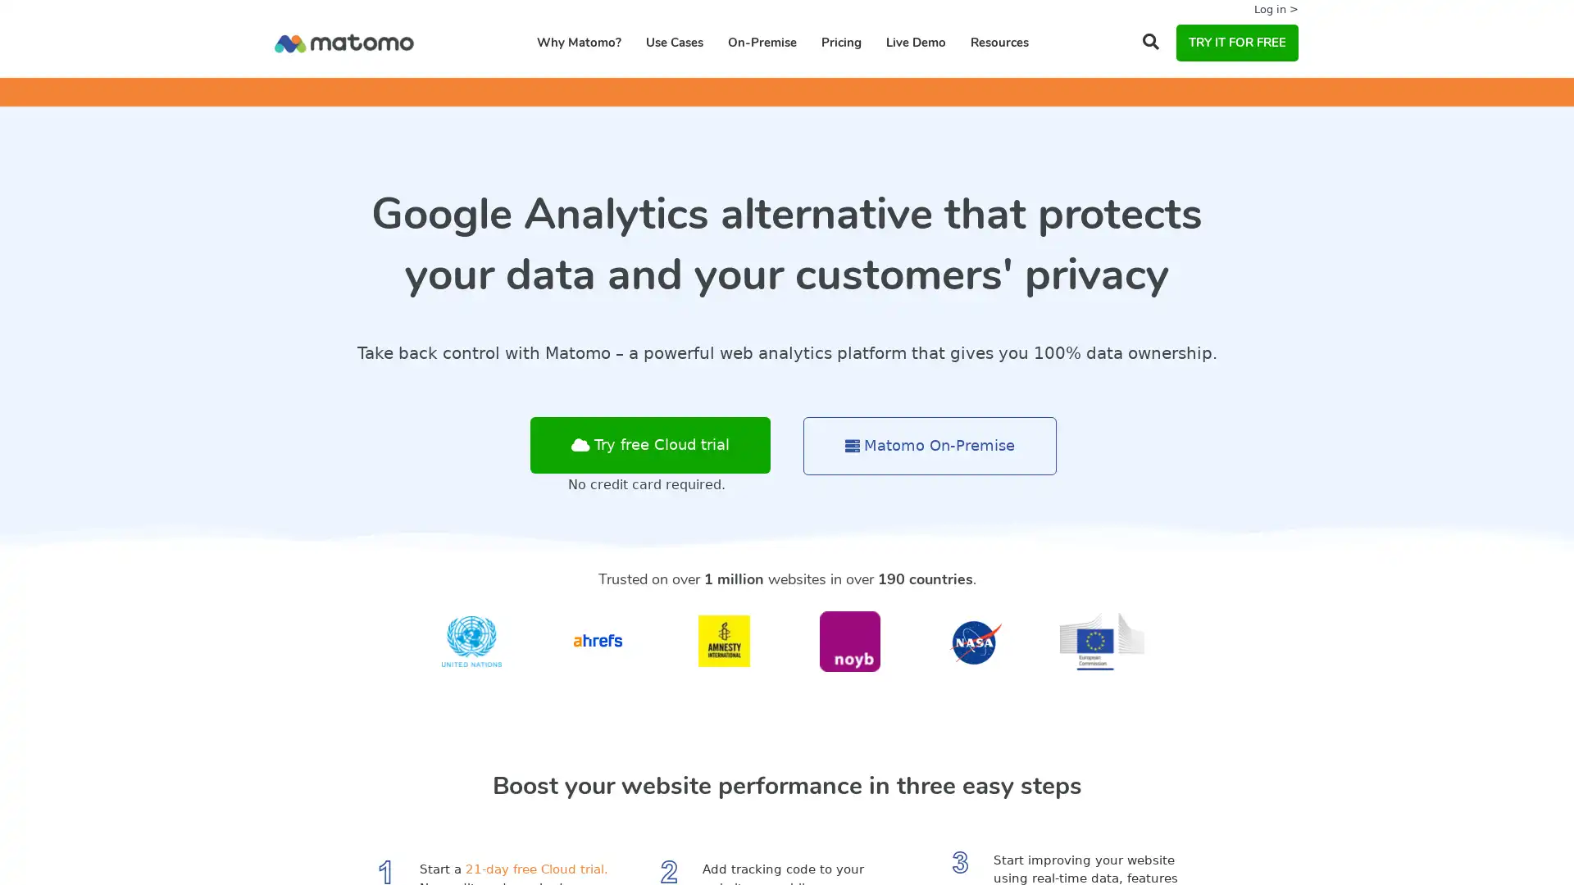  I want to click on Matomo On-Premise, so click(930, 446).